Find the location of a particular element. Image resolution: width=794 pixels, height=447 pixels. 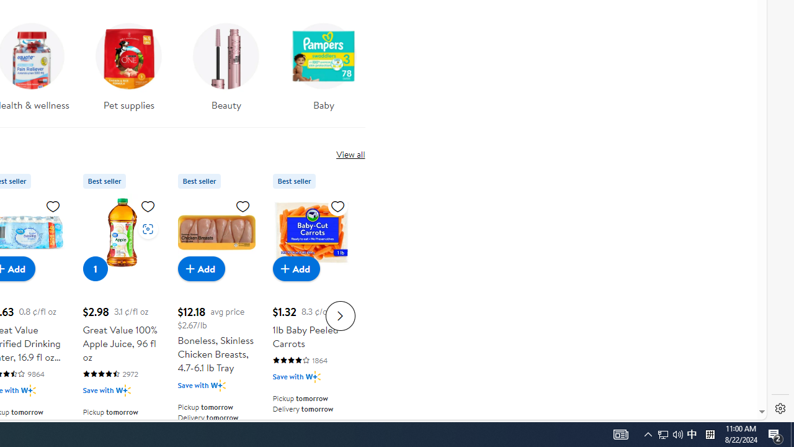

'Pet supplies' is located at coordinates (129, 71).